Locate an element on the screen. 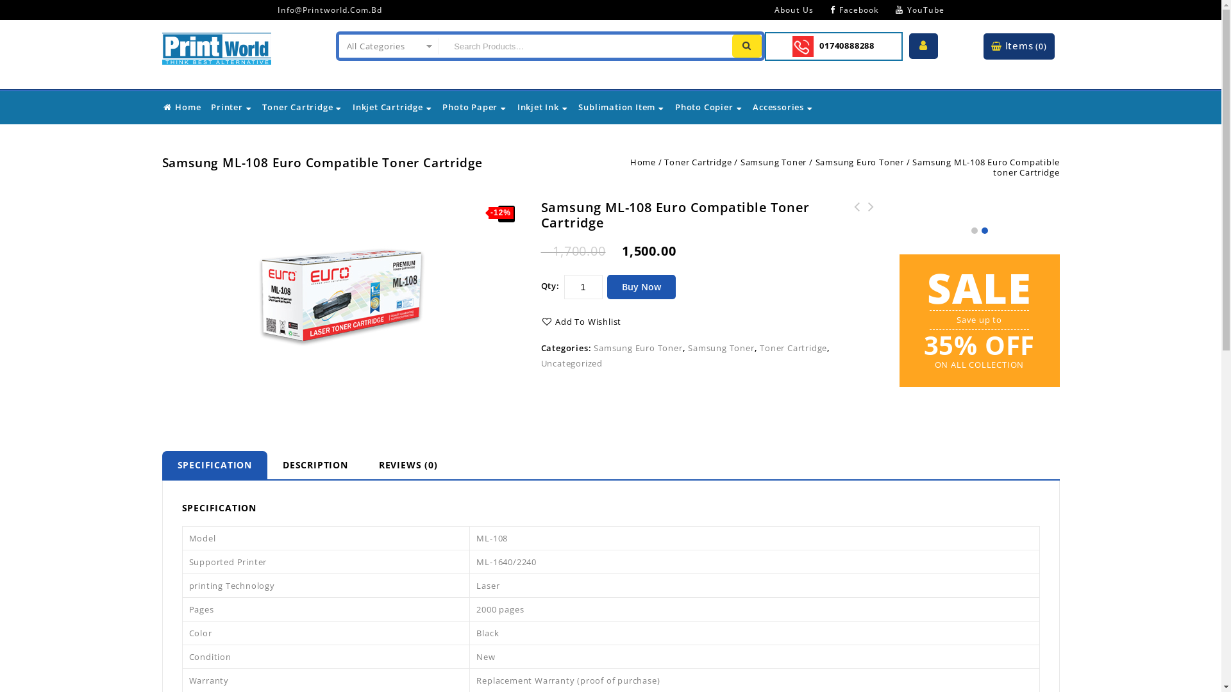 This screenshot has width=1231, height=692. 'ML-108' is located at coordinates (341, 294).